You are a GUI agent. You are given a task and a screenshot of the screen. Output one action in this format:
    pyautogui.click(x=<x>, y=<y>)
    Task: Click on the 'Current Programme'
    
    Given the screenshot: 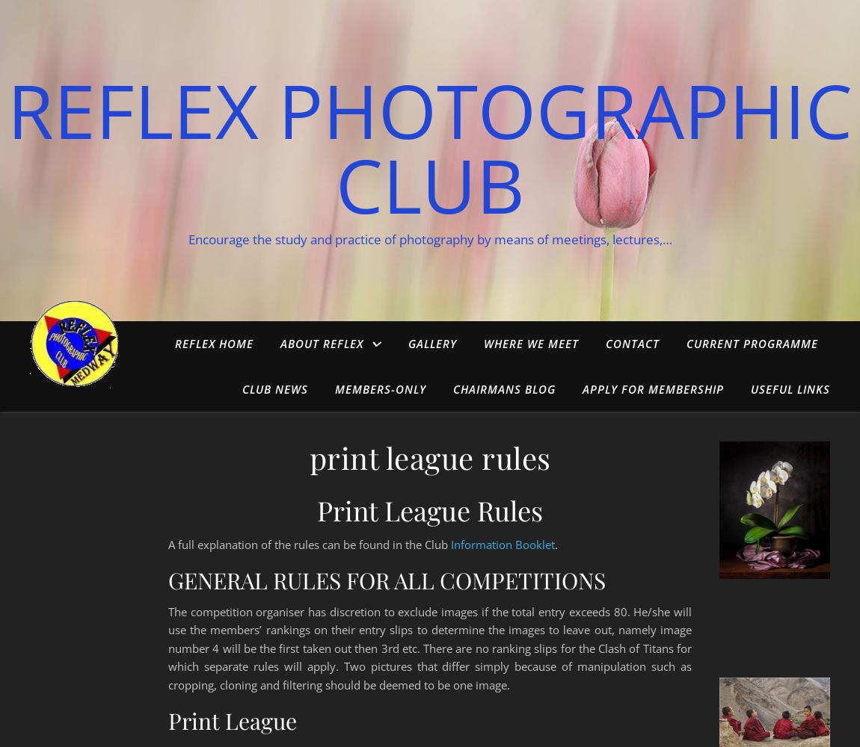 What is the action you would take?
    pyautogui.click(x=752, y=343)
    